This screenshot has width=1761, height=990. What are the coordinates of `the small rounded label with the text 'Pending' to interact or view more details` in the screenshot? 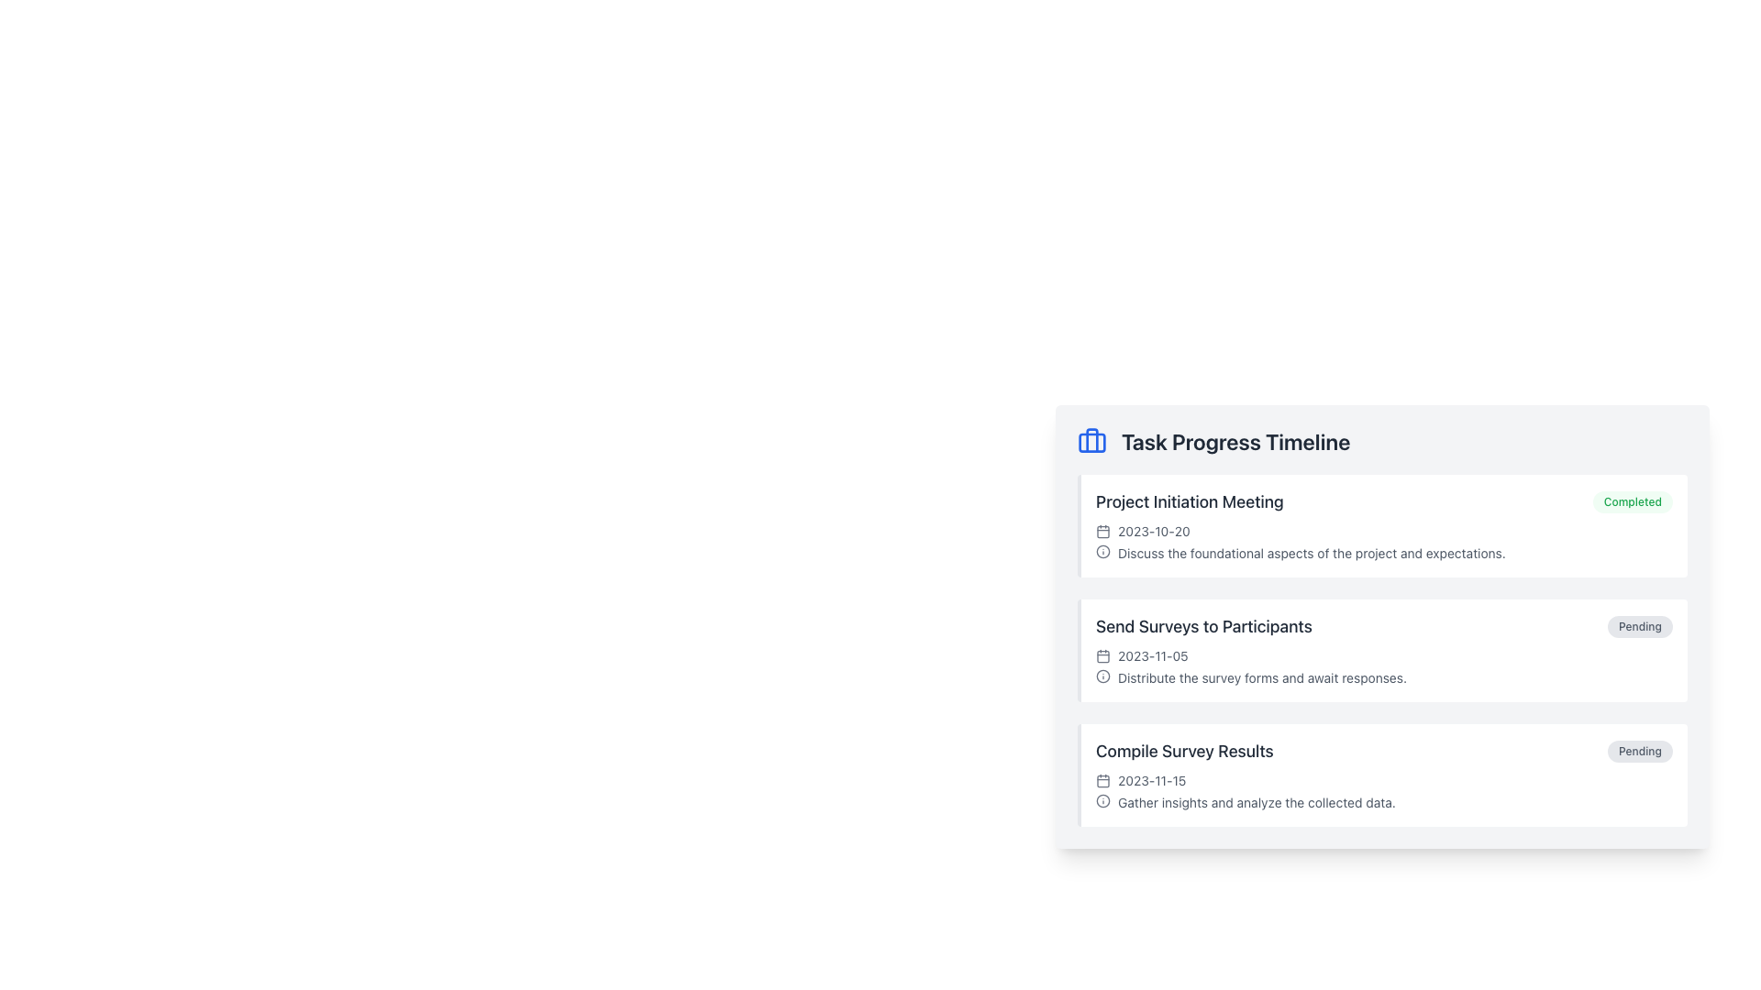 It's located at (1640, 752).